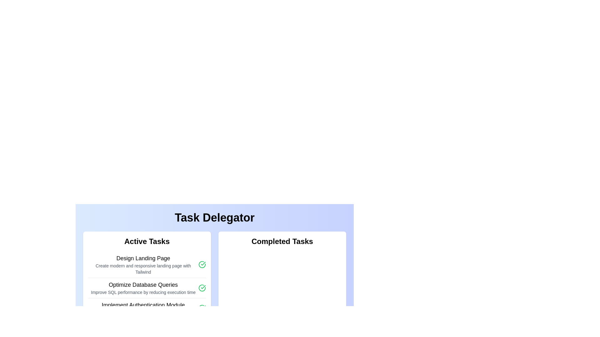 The width and height of the screenshot is (600, 337). Describe the element at coordinates (202, 265) in the screenshot. I see `the completion indicator icon located to the right of the 'Design Landing Page' text in the 'Active Tasks' section` at that location.